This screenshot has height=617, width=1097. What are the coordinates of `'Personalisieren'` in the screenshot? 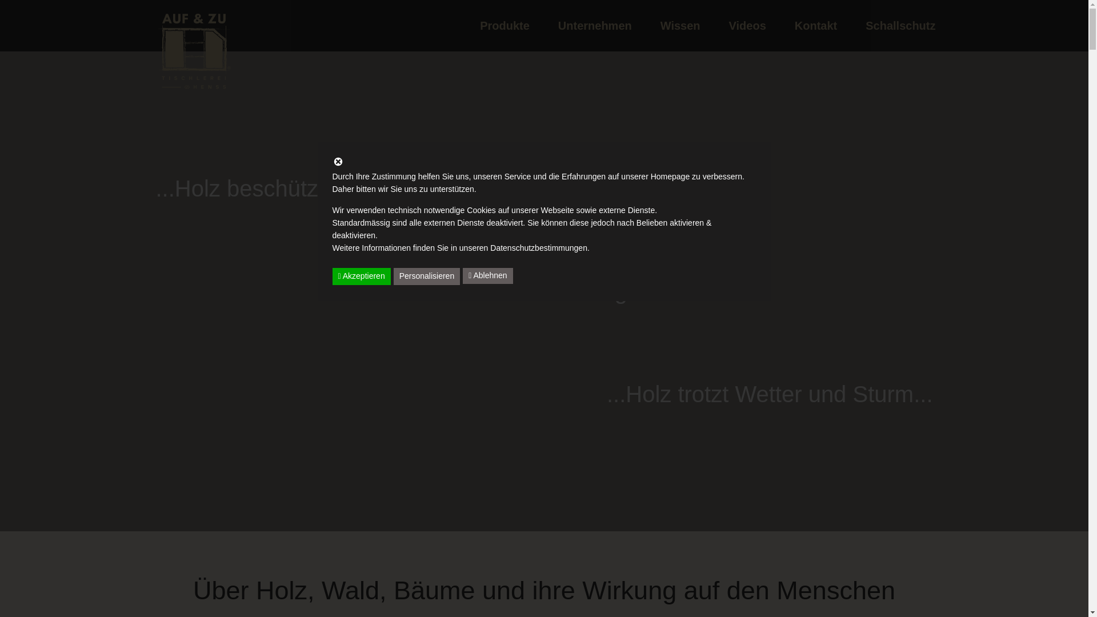 It's located at (394, 276).